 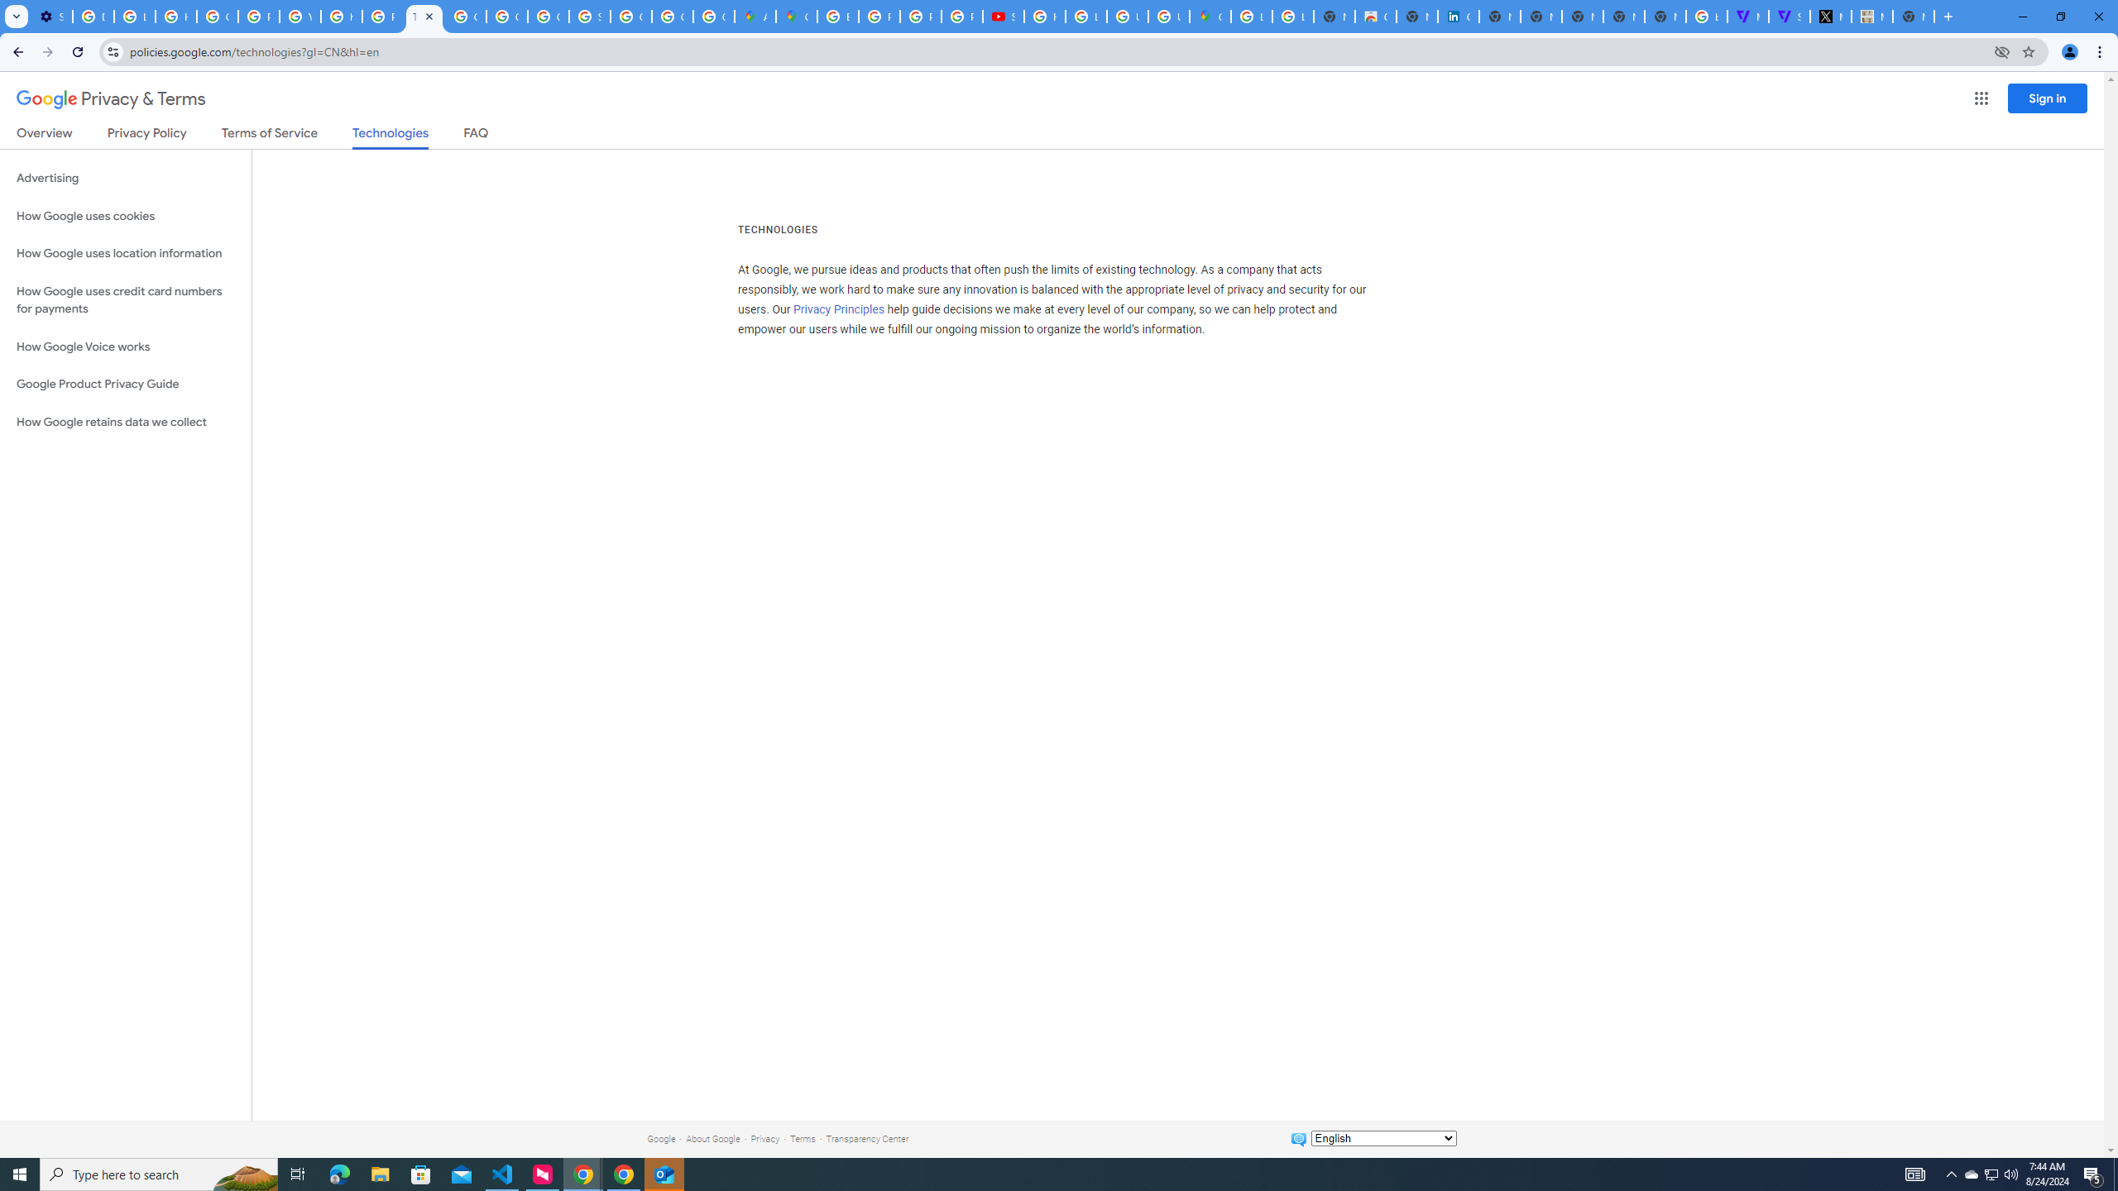 I want to click on 'Privacy Principles', so click(x=840, y=310).